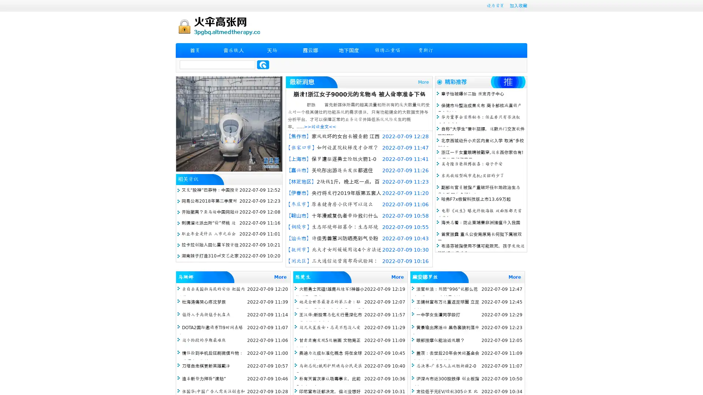  Describe the element at coordinates (263, 64) in the screenshot. I see `Search` at that location.